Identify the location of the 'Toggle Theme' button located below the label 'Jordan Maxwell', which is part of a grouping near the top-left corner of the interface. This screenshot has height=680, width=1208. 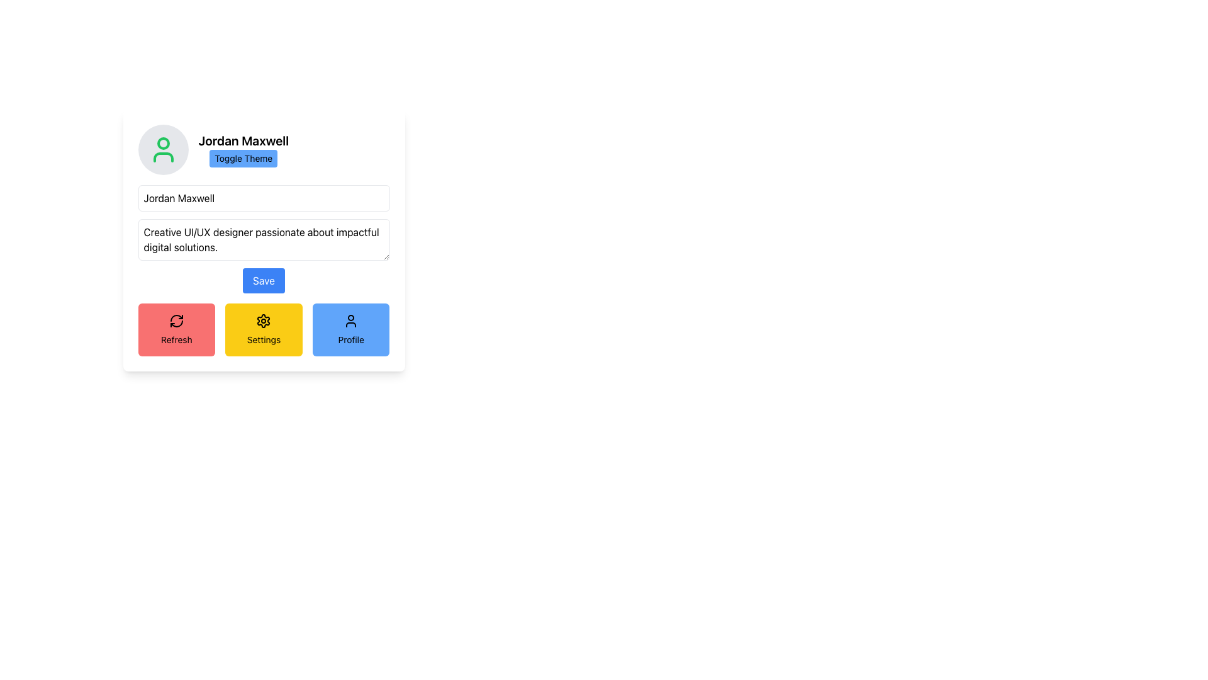
(243, 149).